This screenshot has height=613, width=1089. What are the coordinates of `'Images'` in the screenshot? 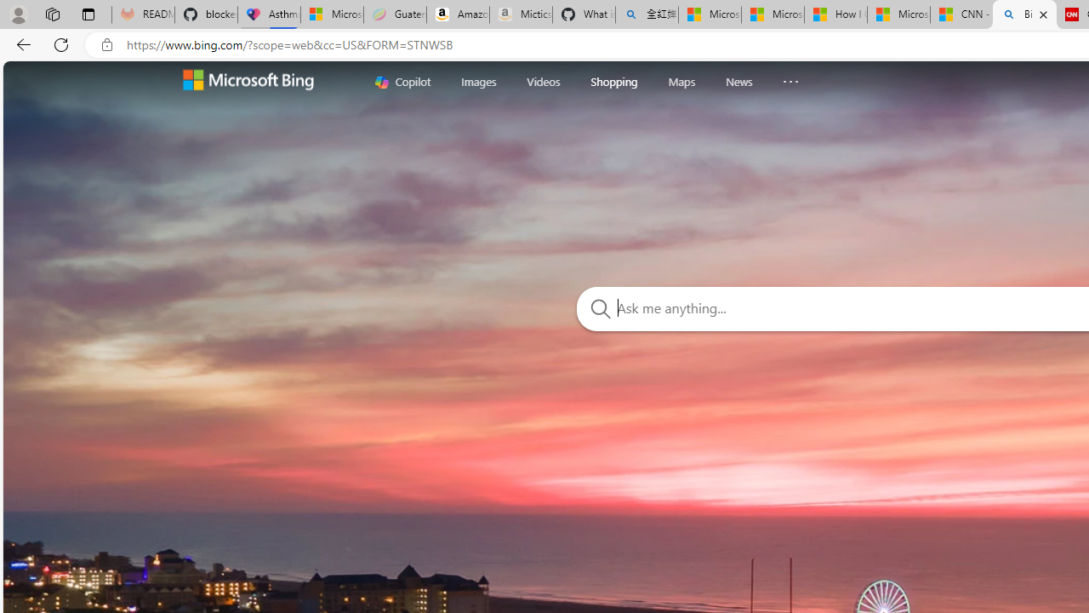 It's located at (477, 81).